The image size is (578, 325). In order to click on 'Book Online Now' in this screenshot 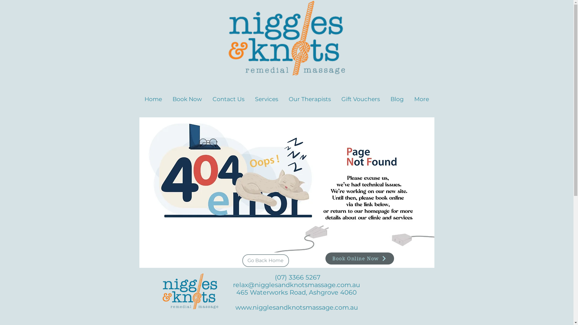, I will do `click(359, 258)`.